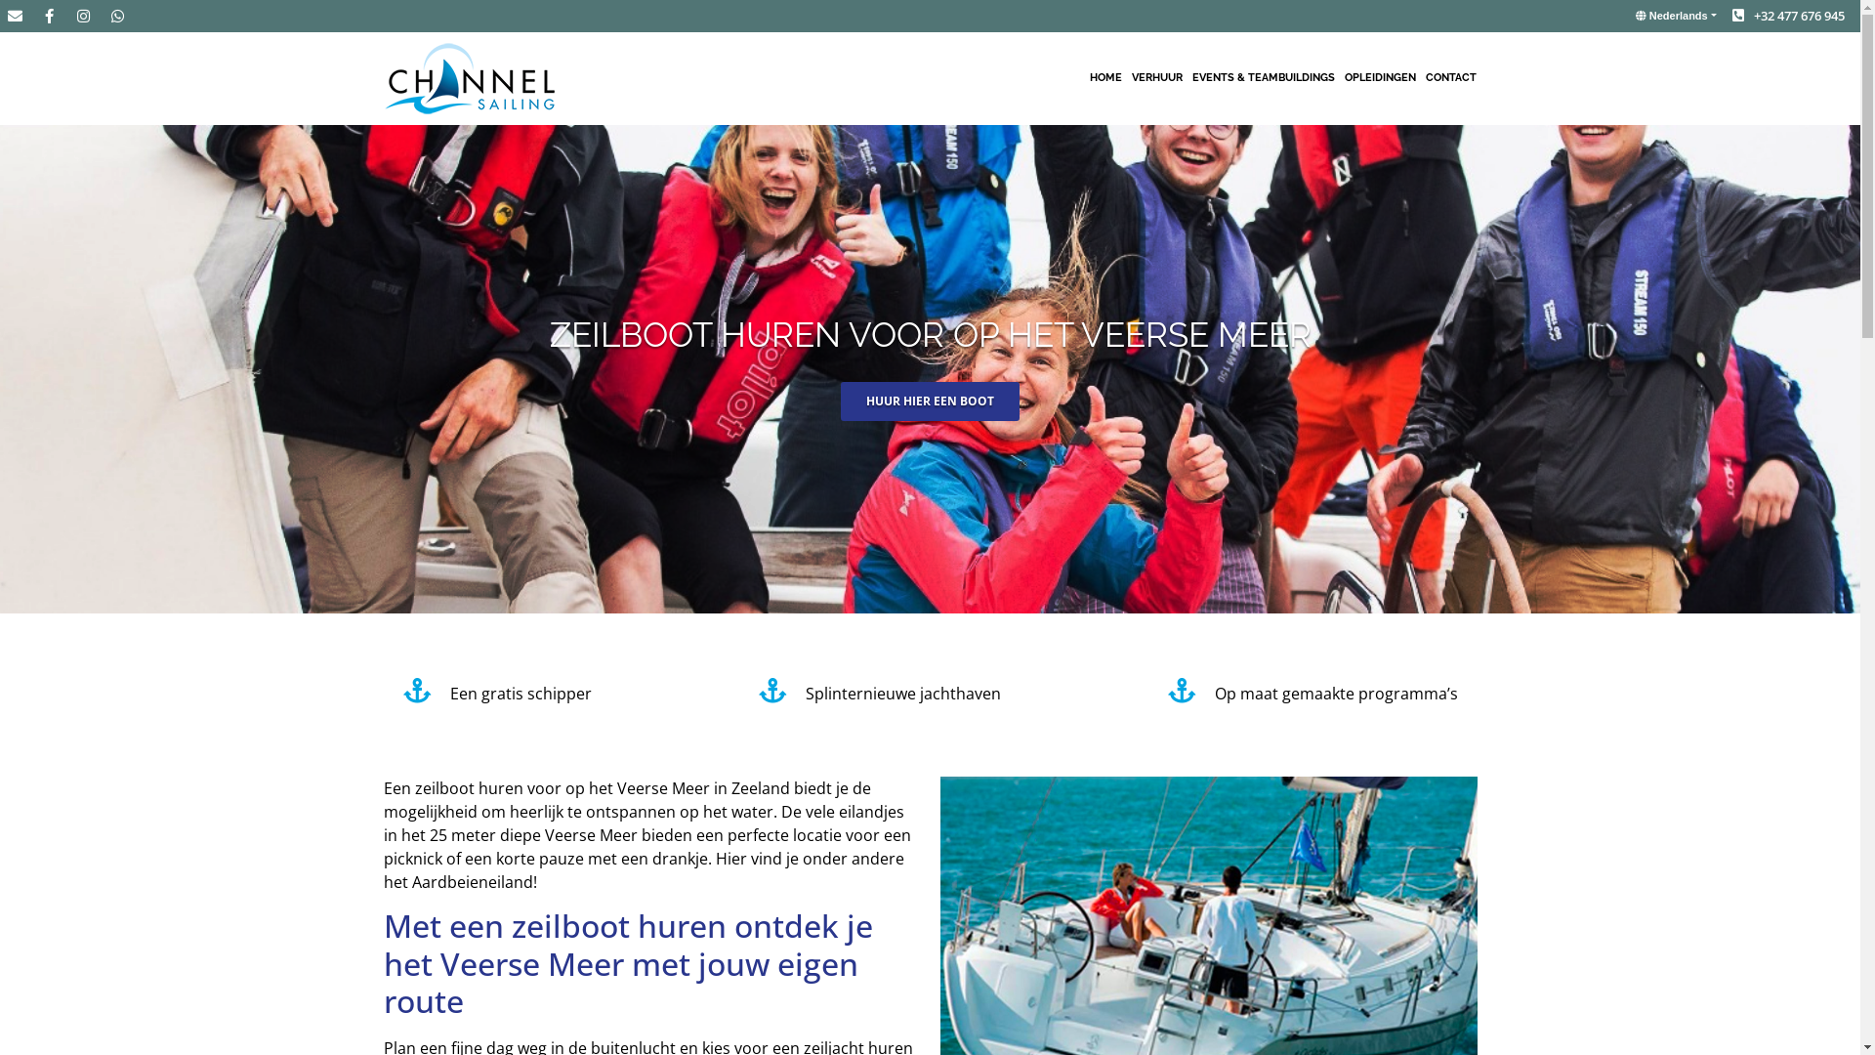 The height and width of the screenshot is (1055, 1875). What do you see at coordinates (1675, 15) in the screenshot?
I see `'Nederlands'` at bounding box center [1675, 15].